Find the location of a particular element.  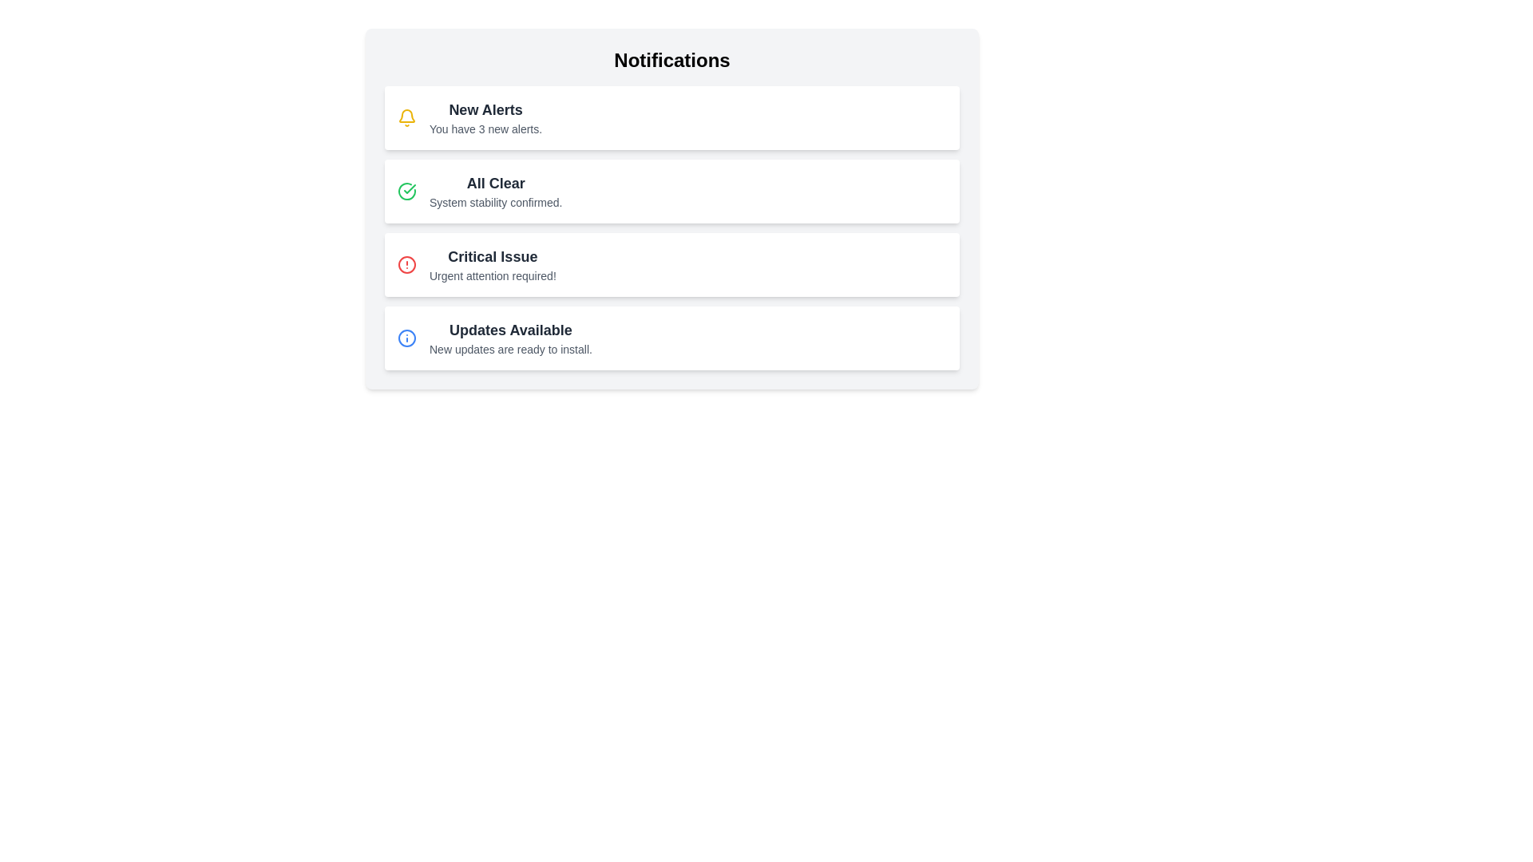

the circle icon within the 'Updates Available' notification card, which serves as an informational or alert symbol is located at coordinates (406, 338).